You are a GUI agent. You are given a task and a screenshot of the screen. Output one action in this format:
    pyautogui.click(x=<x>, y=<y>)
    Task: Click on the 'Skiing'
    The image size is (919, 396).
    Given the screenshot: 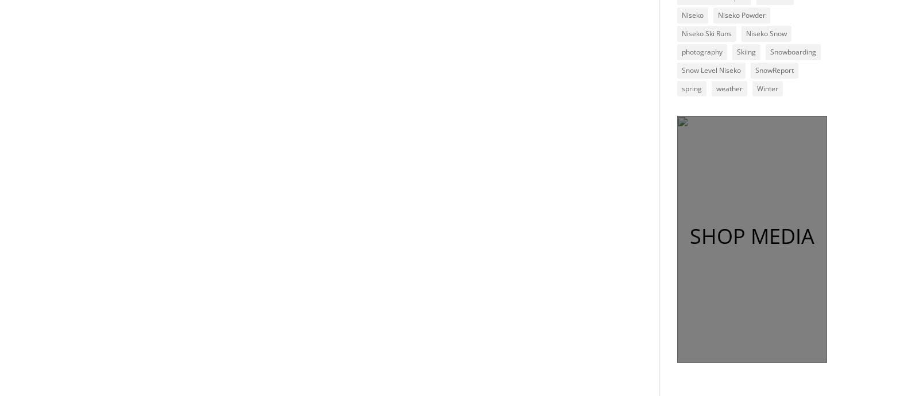 What is the action you would take?
    pyautogui.click(x=745, y=51)
    